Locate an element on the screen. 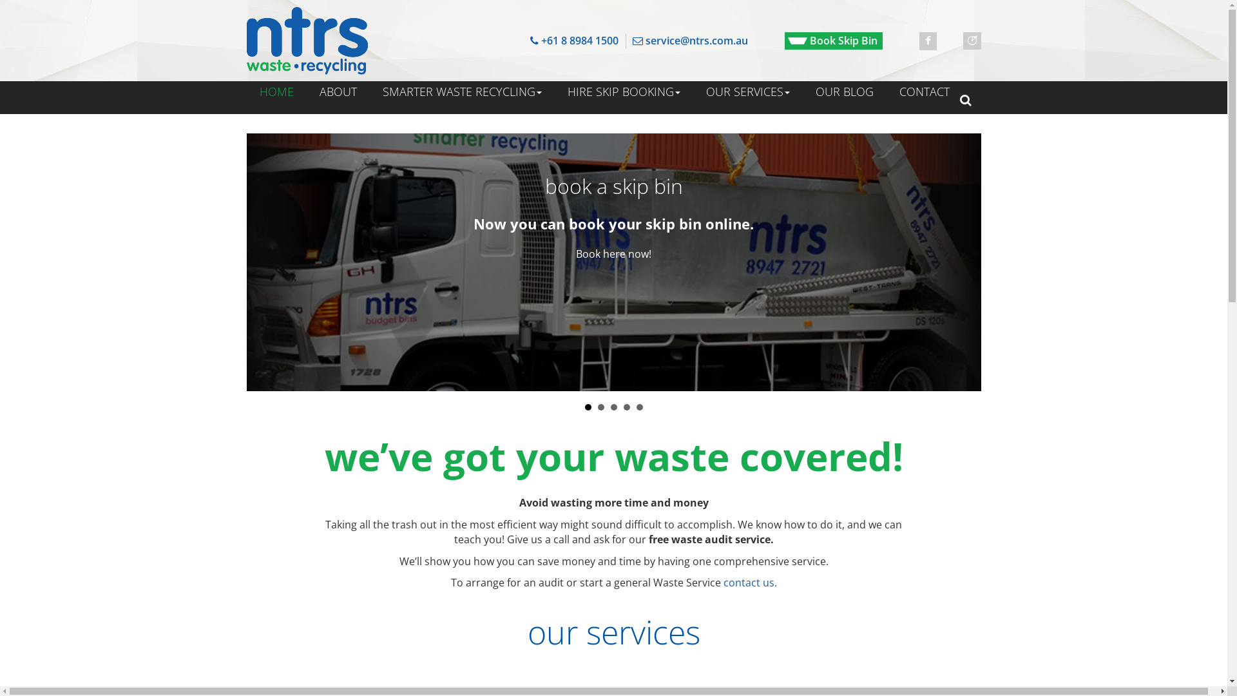 The image size is (1237, 696). 'service@ntrs.com.au' is located at coordinates (689, 41).